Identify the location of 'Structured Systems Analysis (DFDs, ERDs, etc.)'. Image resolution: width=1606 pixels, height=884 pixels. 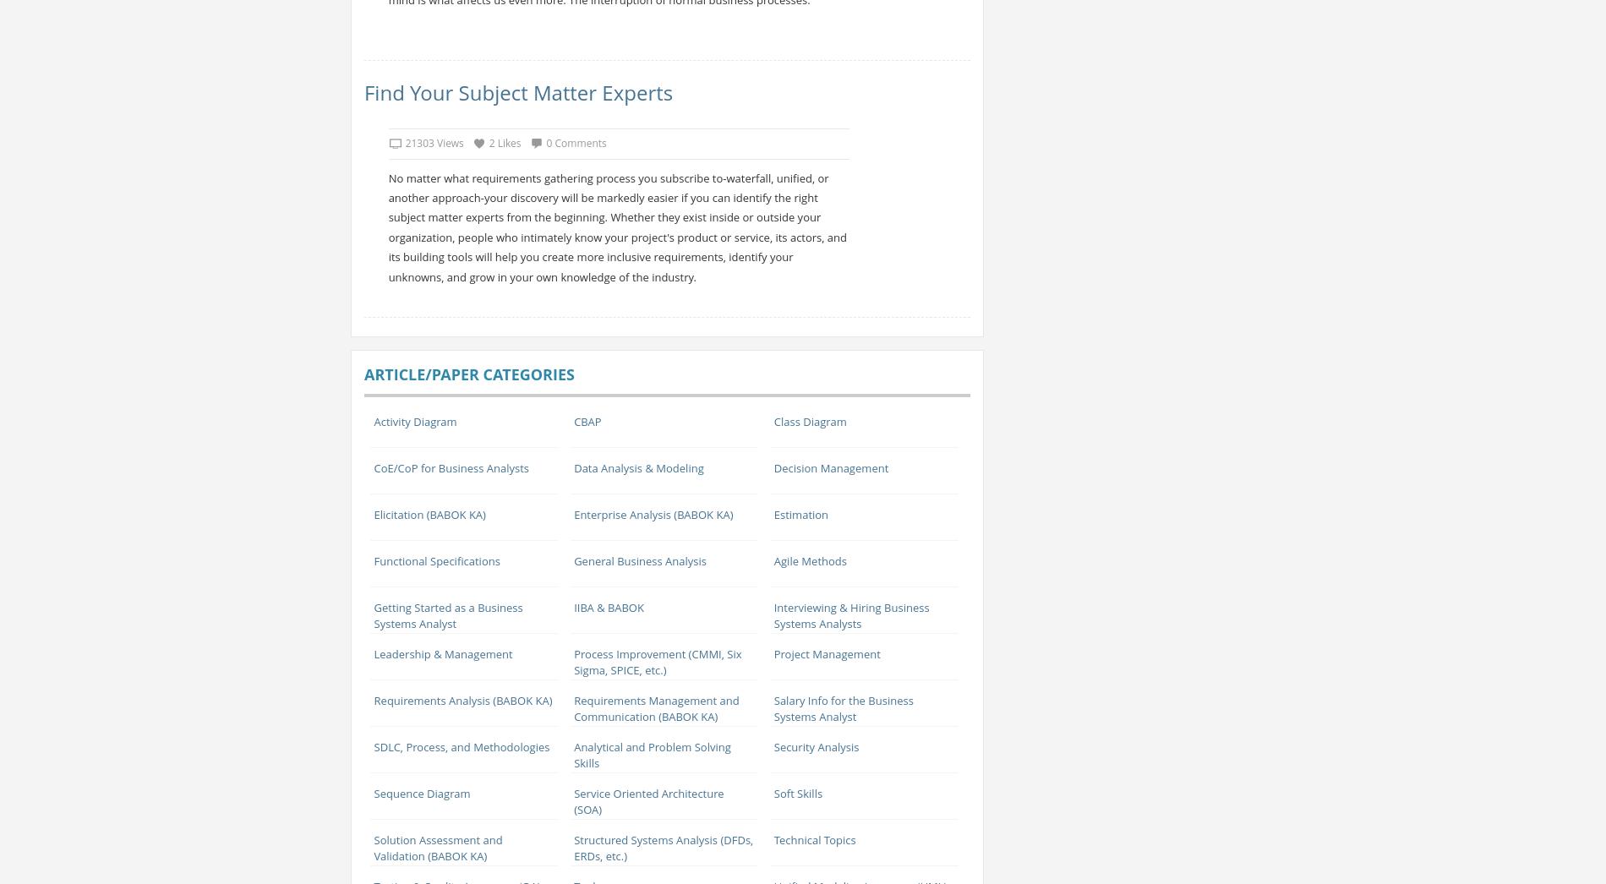
(574, 847).